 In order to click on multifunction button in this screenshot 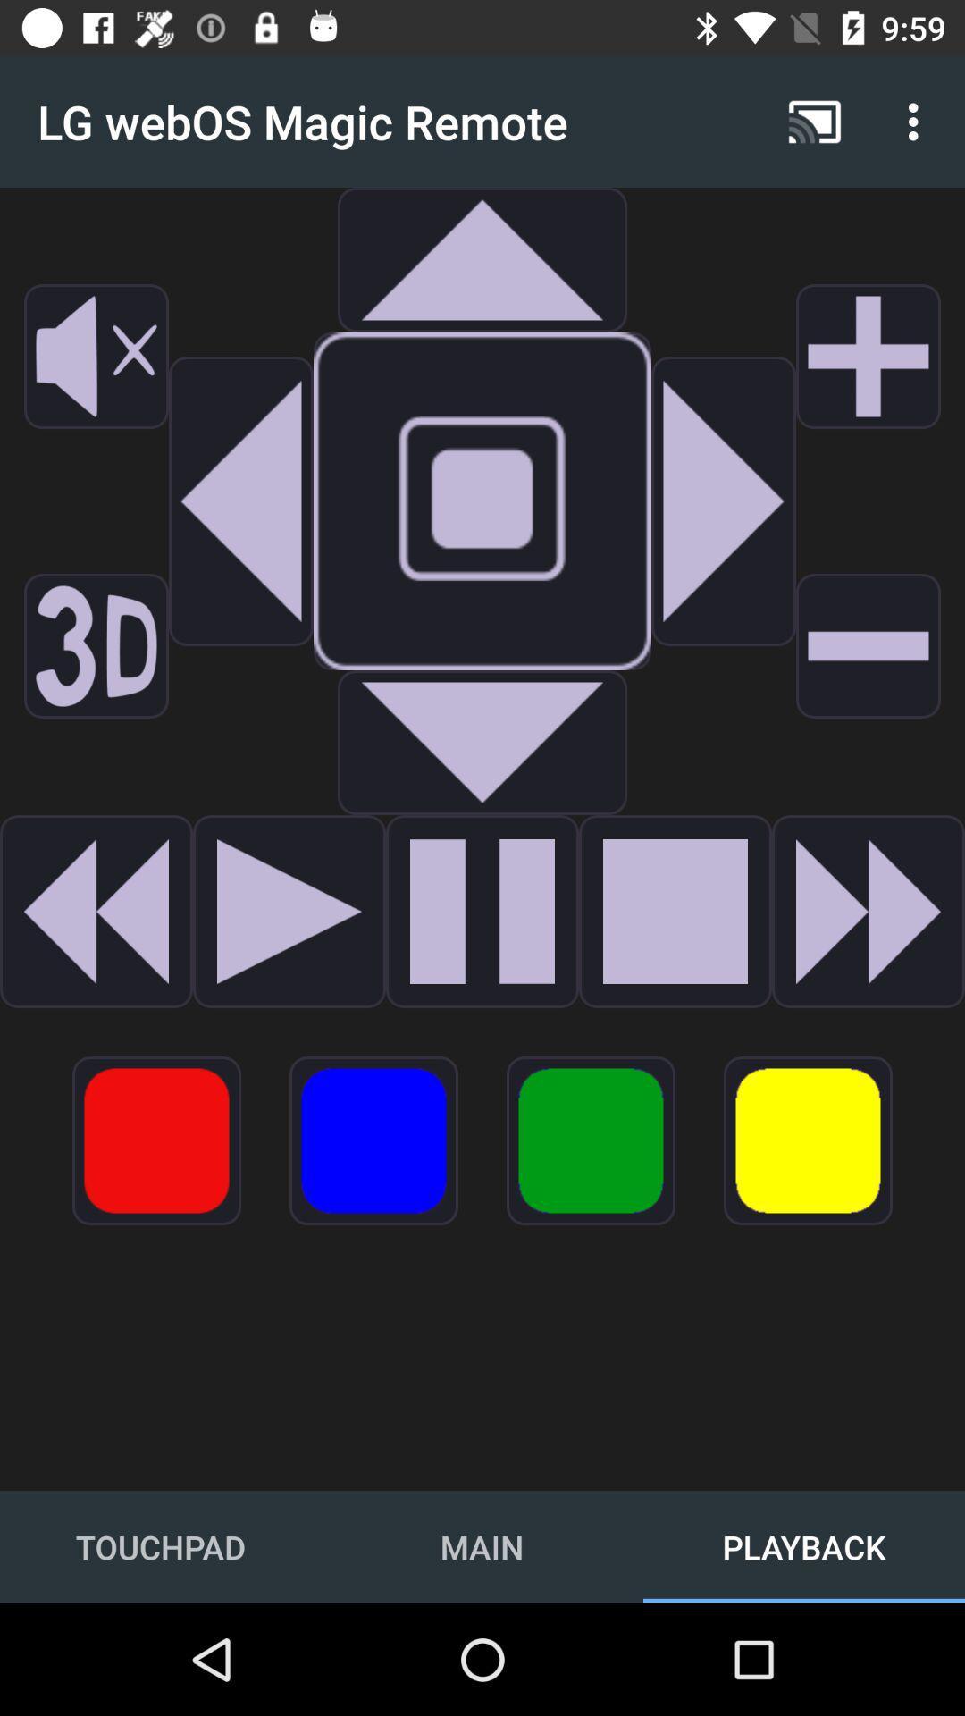, I will do `click(591, 1140)`.